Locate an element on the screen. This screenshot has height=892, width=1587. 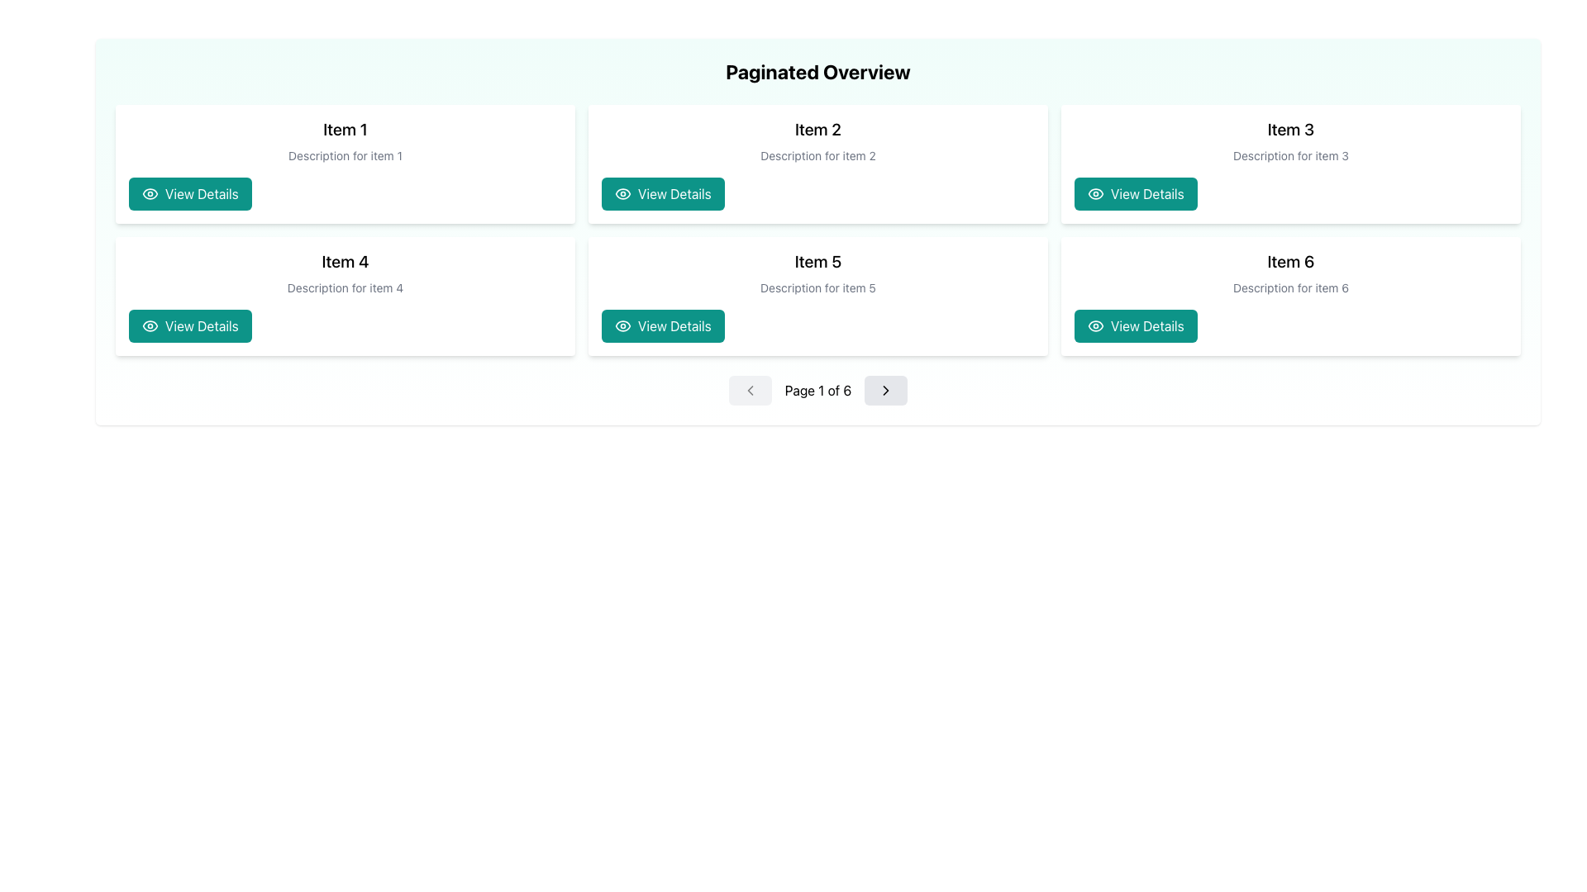
the text label 'Item 4' which is styled with a large and bold font, positioned as the prominent header in the second row and first column of the card layout is located at coordinates (344, 260).